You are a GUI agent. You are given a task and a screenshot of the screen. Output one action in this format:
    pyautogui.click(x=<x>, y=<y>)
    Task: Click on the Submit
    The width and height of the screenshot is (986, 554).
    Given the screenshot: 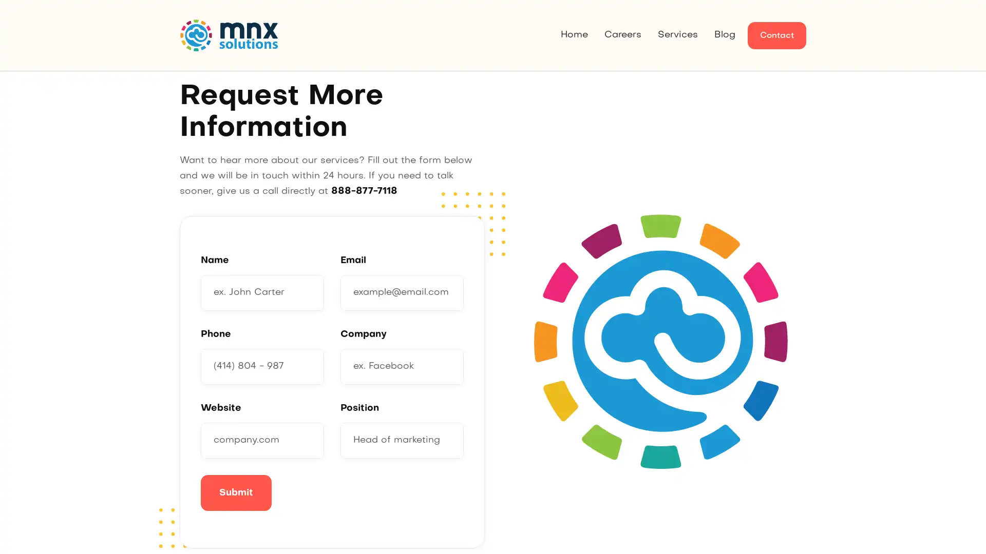 What is the action you would take?
    pyautogui.click(x=236, y=492)
    